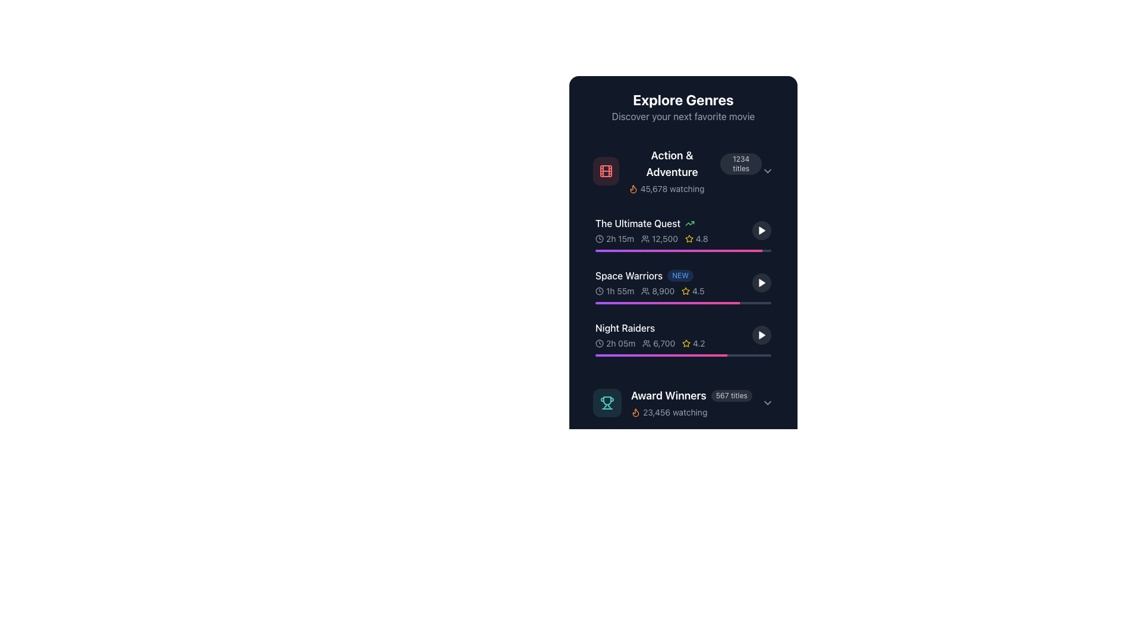 This screenshot has width=1141, height=642. What do you see at coordinates (686, 344) in the screenshot?
I see `the star icon indicating a rating score for the 'Night Raiders' entry, located to the left of the numerical rating '4.2'` at bounding box center [686, 344].